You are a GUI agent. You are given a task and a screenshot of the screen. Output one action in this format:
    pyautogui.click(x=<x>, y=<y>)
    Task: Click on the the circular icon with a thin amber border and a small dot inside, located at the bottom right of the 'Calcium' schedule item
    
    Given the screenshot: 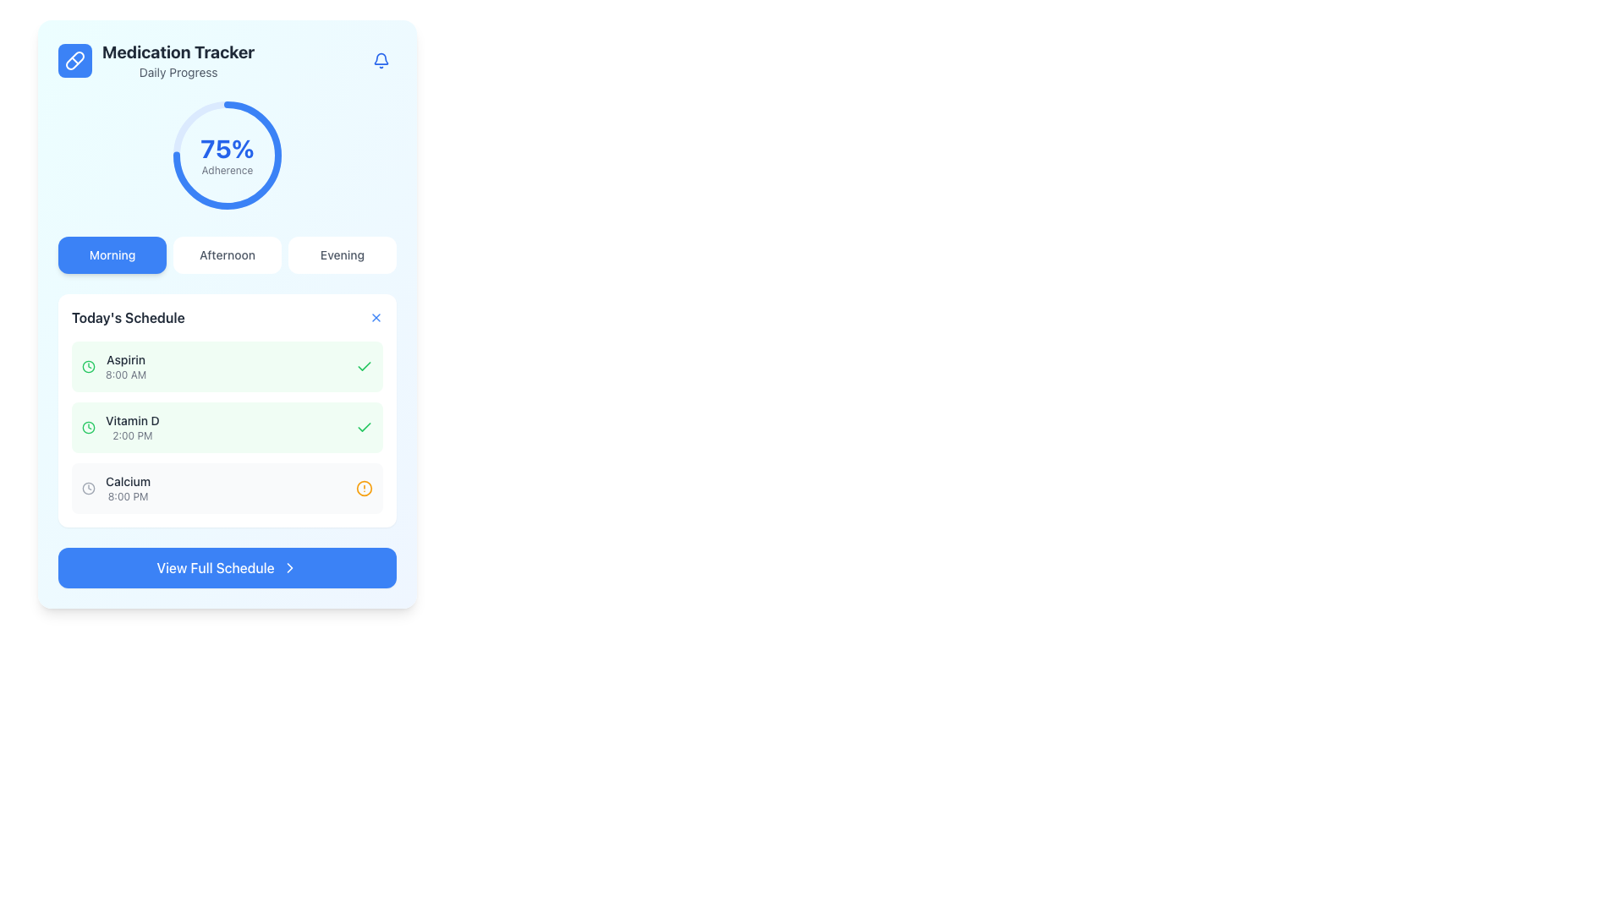 What is the action you would take?
    pyautogui.click(x=364, y=489)
    